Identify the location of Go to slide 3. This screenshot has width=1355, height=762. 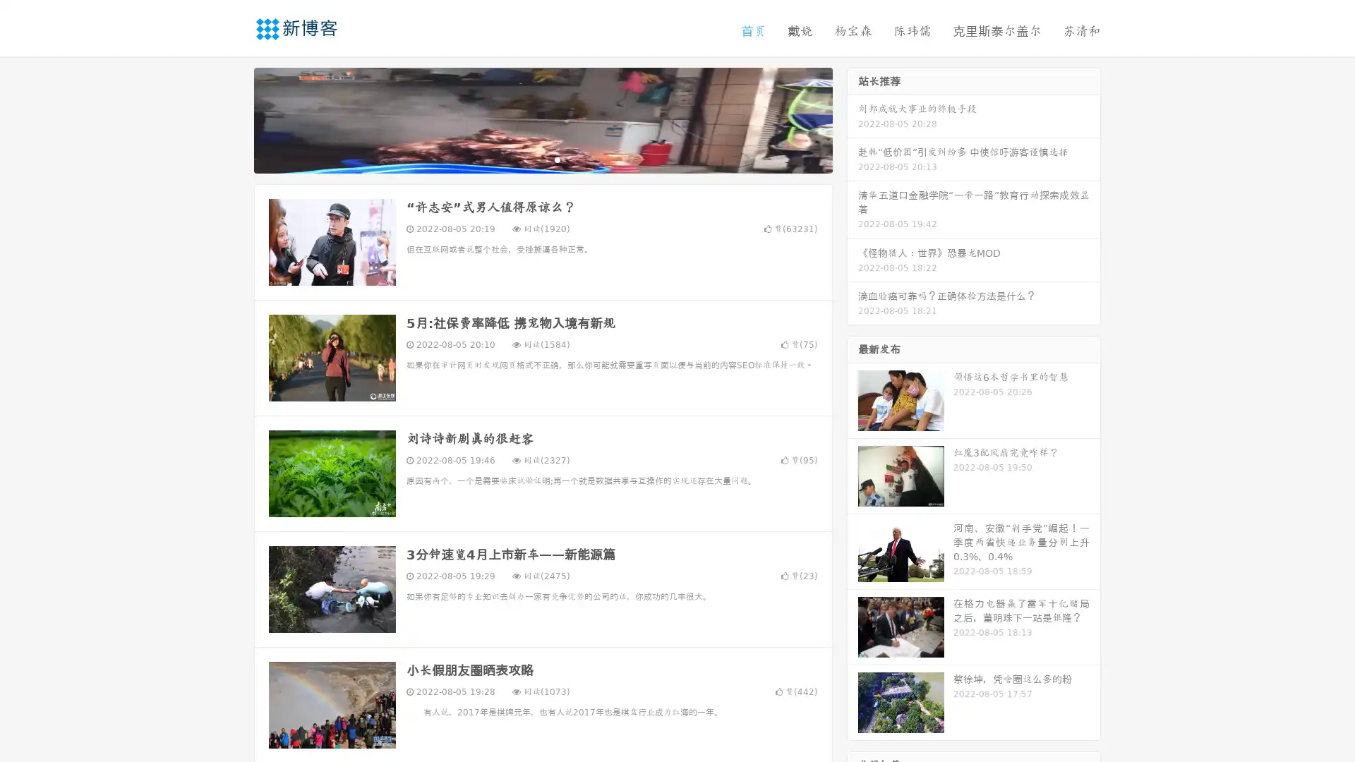
(557, 159).